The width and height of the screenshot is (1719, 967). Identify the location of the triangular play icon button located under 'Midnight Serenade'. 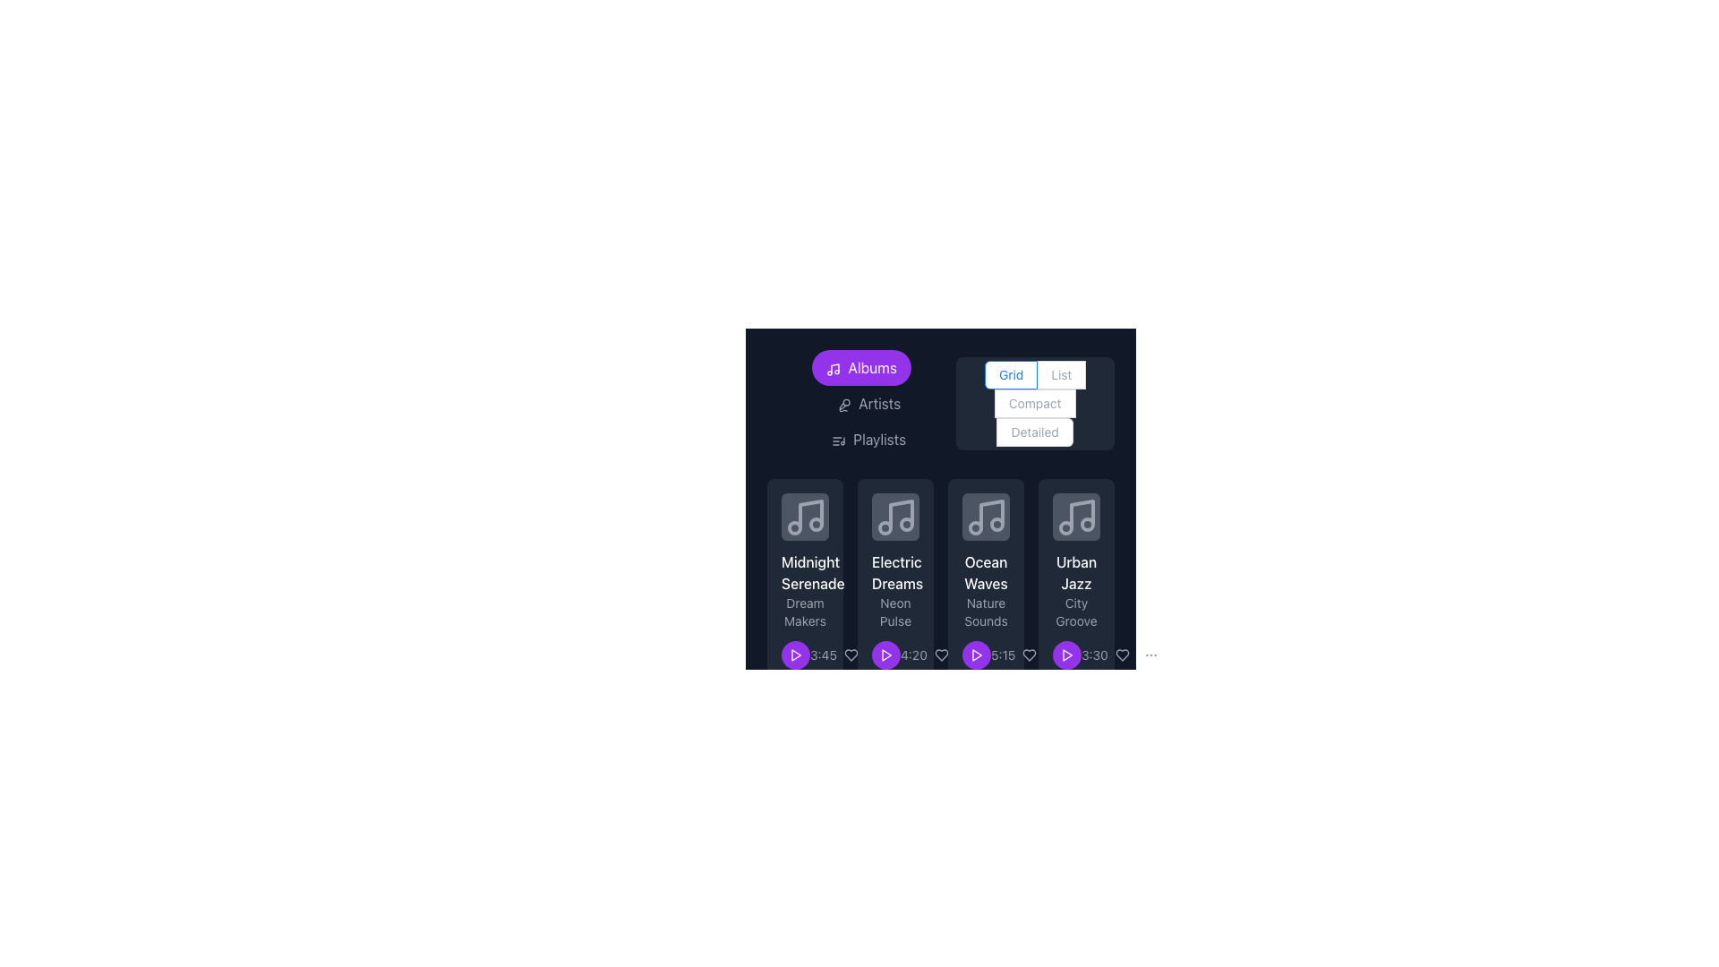
(795, 655).